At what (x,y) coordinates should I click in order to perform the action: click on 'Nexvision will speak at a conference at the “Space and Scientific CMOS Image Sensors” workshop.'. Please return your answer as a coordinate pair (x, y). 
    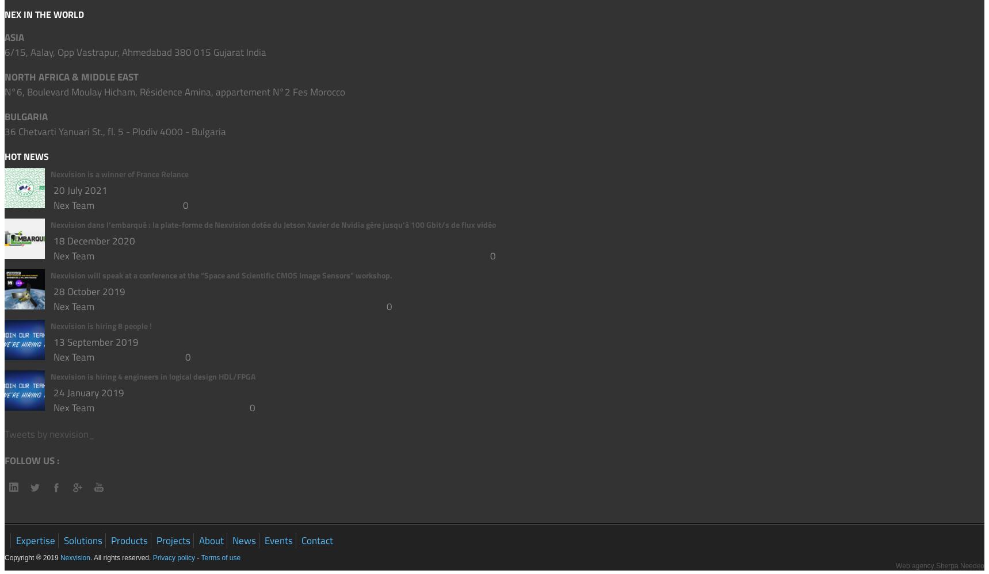
    Looking at the image, I should click on (221, 274).